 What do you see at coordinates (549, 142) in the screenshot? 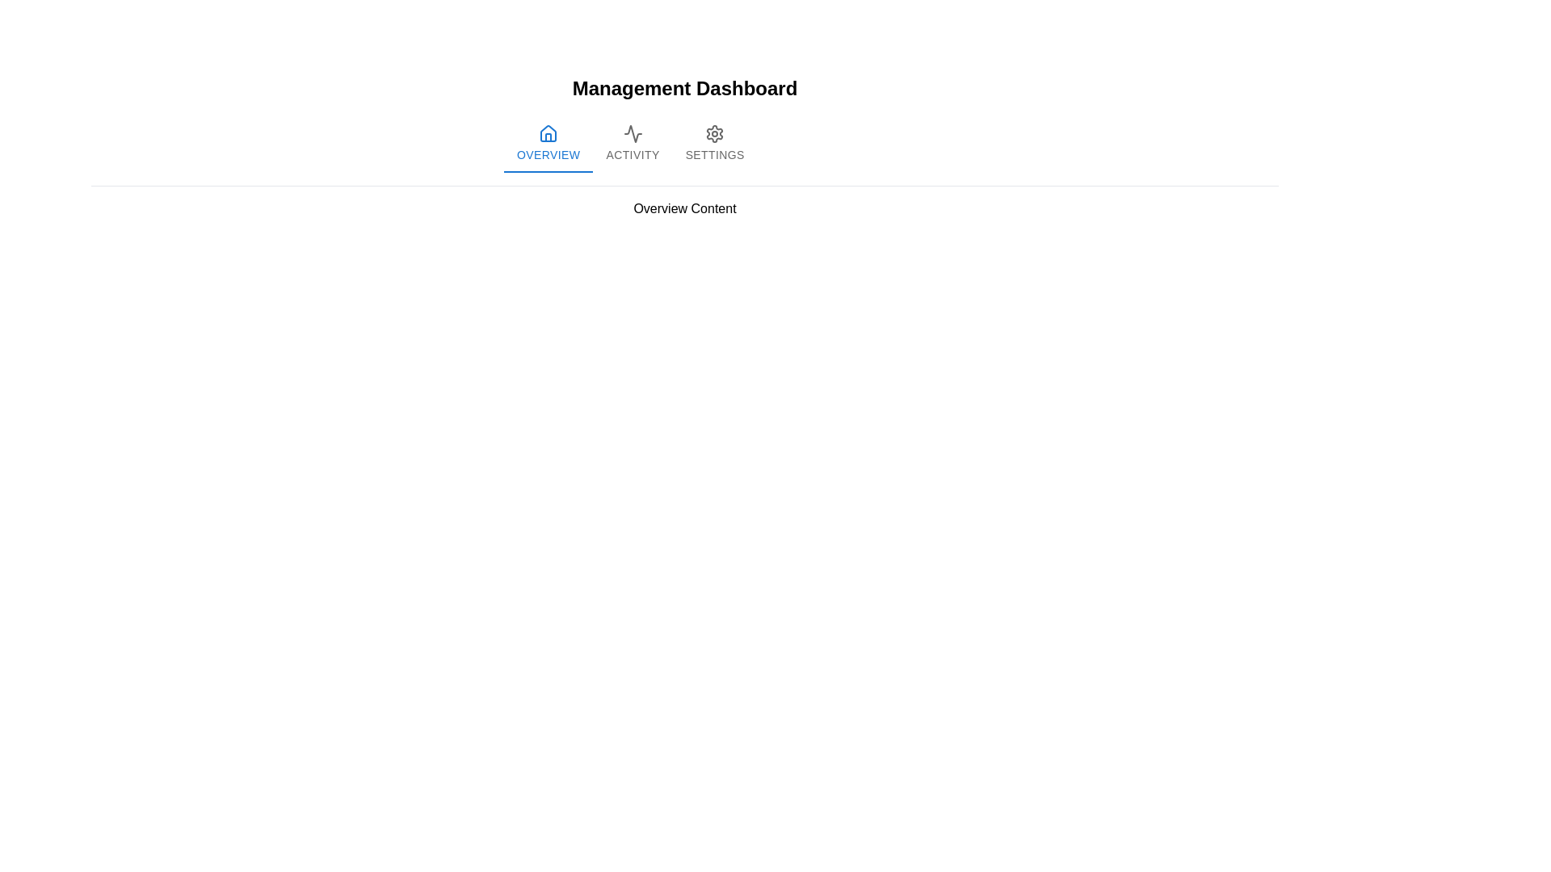
I see `the leftmost tab button` at bounding box center [549, 142].